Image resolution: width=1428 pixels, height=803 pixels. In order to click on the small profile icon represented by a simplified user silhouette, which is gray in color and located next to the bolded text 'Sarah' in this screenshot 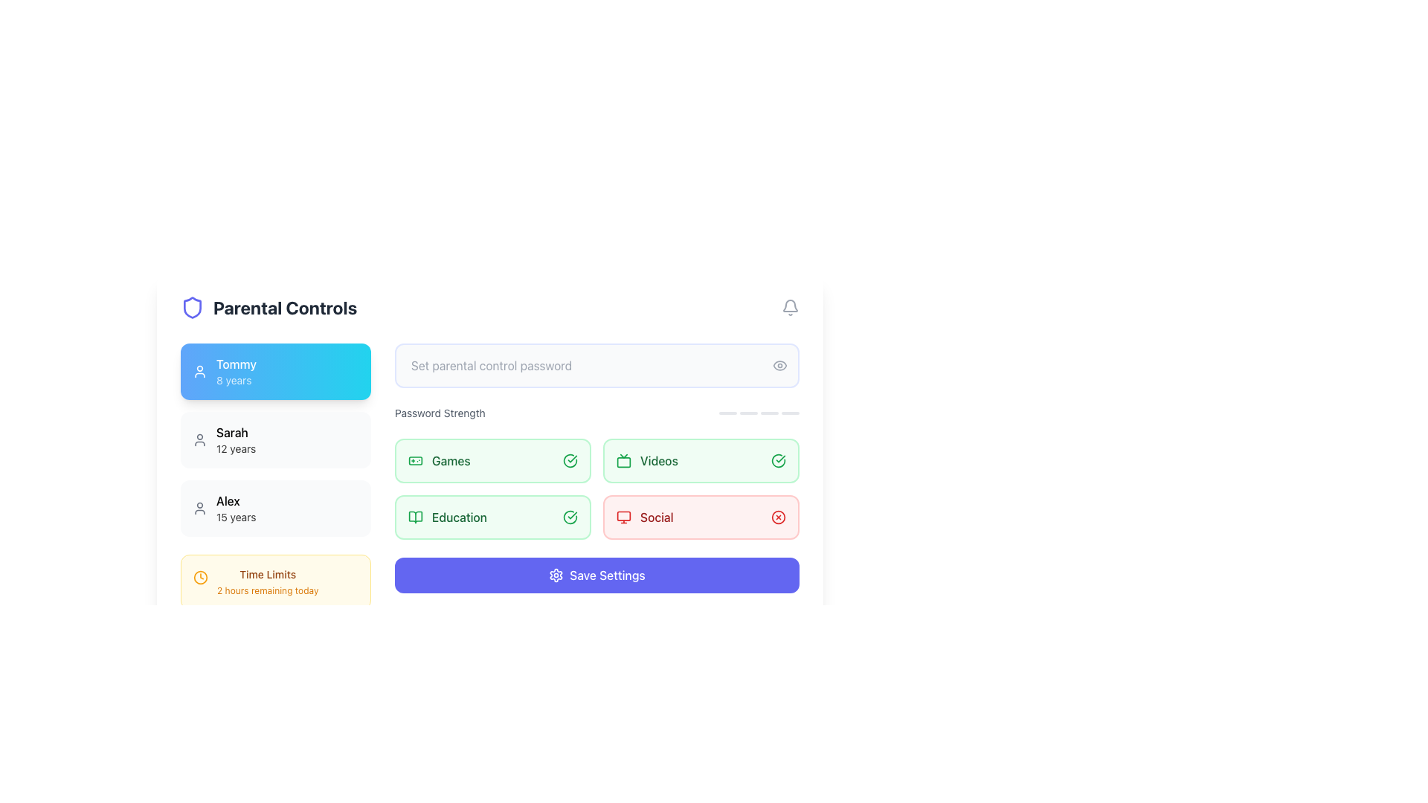, I will do `click(199, 439)`.